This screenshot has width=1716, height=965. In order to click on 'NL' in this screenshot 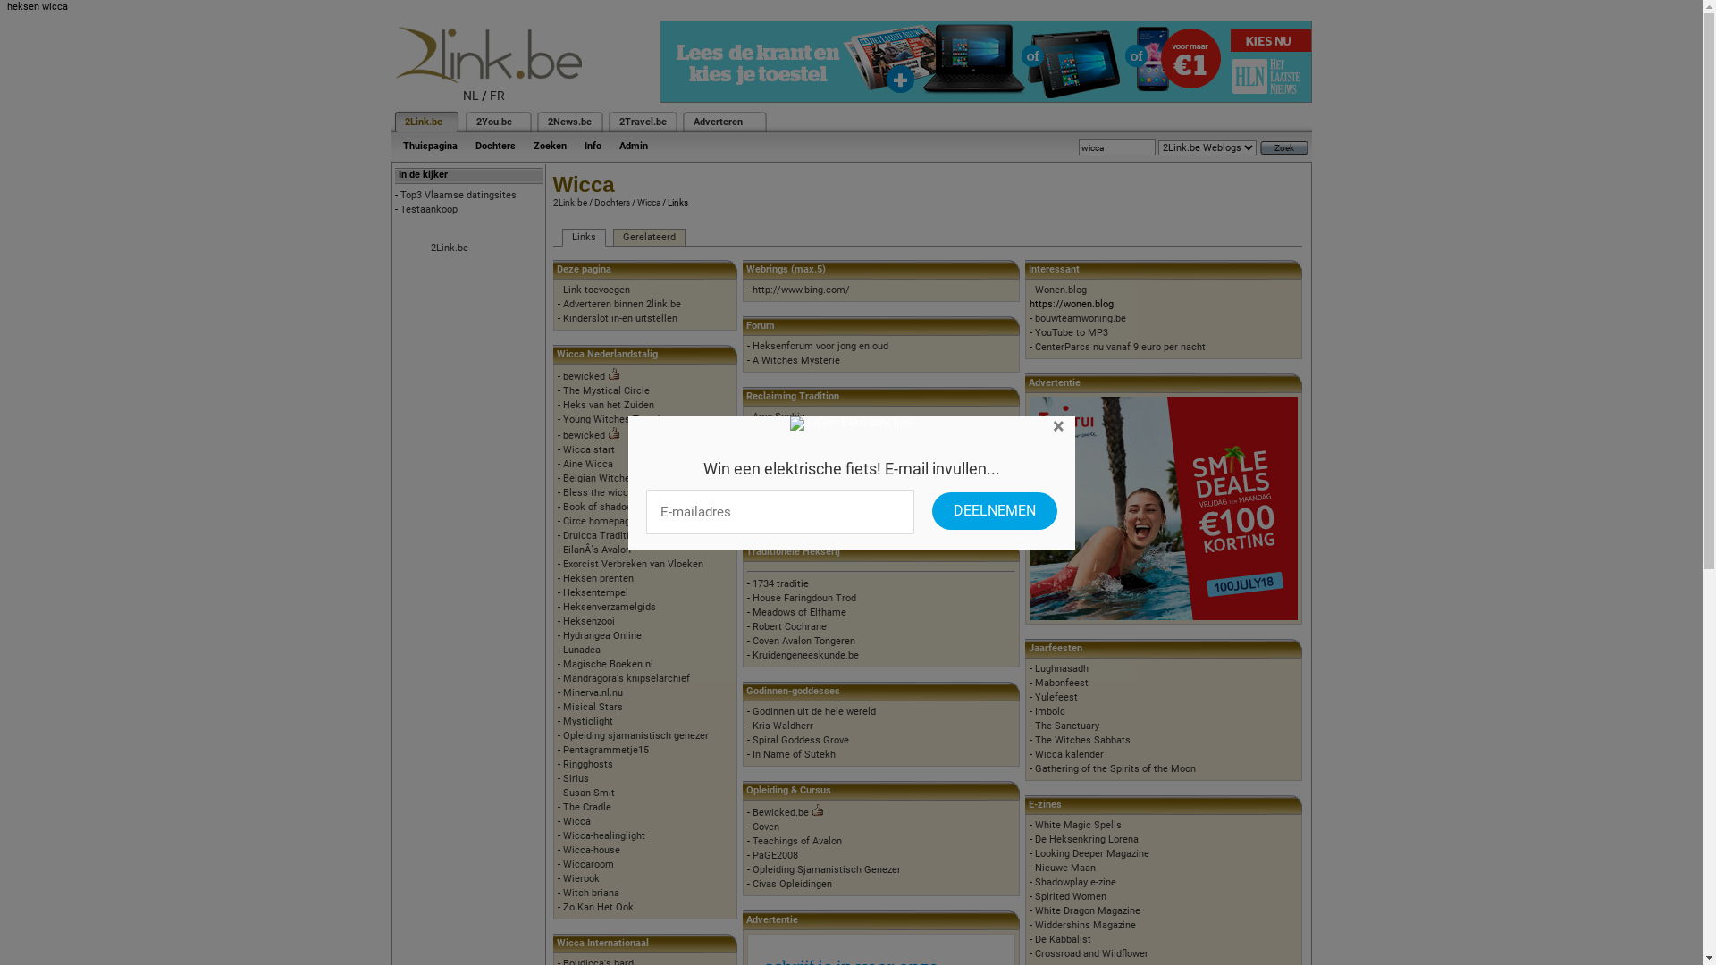, I will do `click(471, 96)`.